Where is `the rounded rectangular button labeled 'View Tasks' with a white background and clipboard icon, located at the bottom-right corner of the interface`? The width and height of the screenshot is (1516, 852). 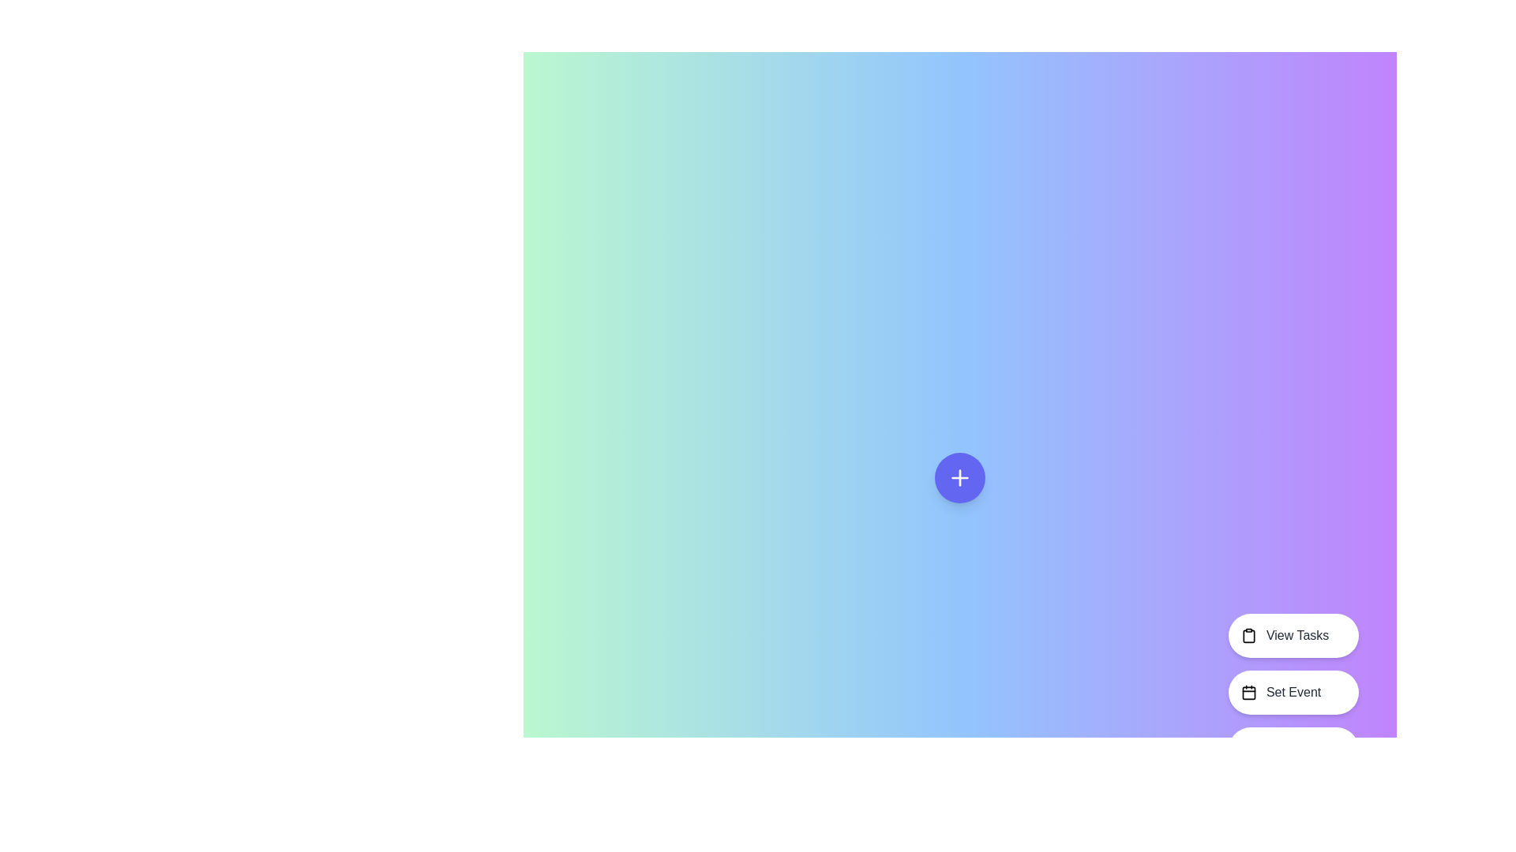
the rounded rectangular button labeled 'View Tasks' with a white background and clipboard icon, located at the bottom-right corner of the interface is located at coordinates (1293, 635).